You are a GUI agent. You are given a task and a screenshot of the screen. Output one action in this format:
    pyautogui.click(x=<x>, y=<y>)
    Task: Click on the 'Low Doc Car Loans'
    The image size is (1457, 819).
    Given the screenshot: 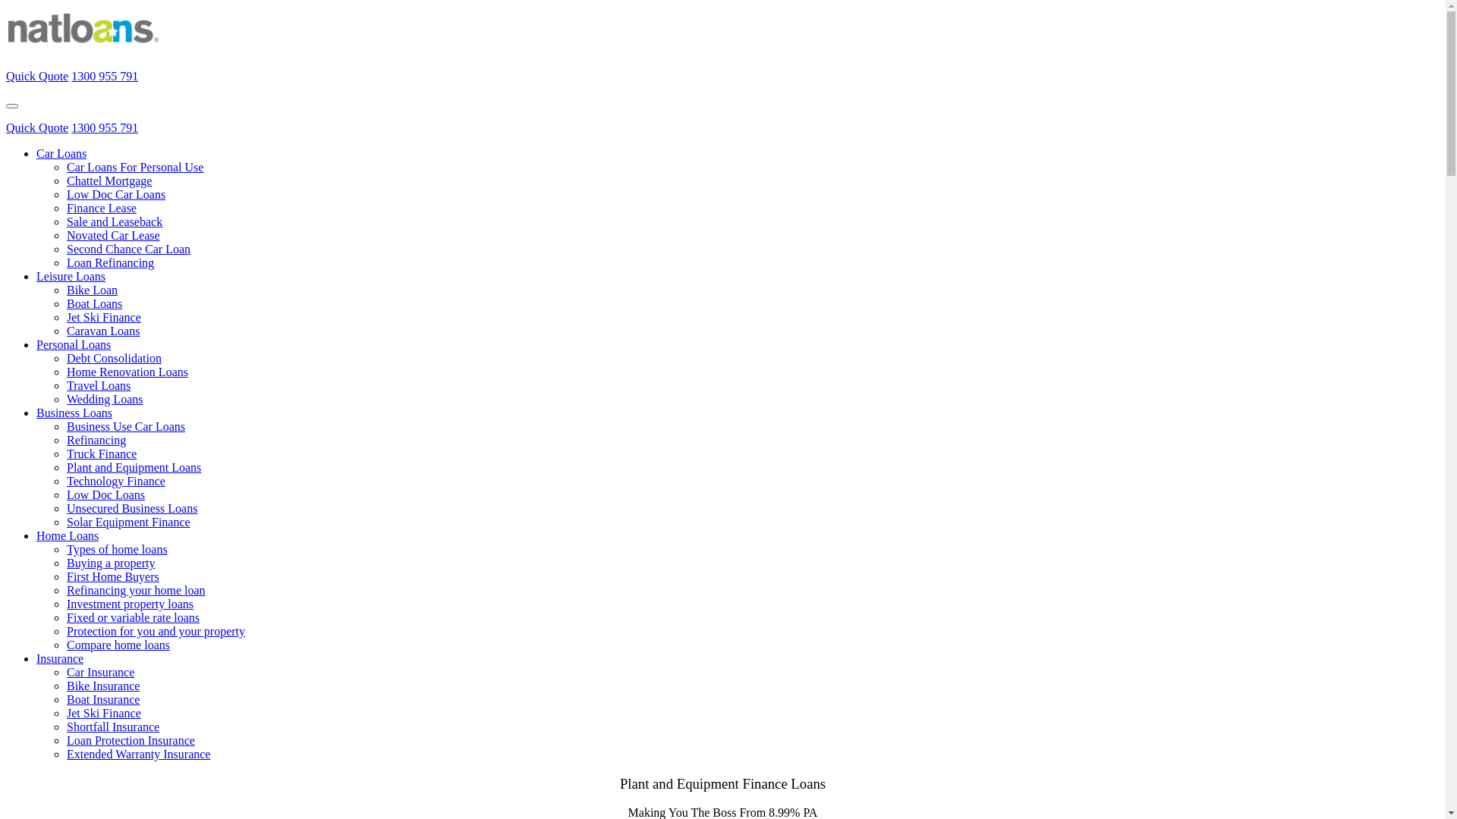 What is the action you would take?
    pyautogui.click(x=115, y=193)
    